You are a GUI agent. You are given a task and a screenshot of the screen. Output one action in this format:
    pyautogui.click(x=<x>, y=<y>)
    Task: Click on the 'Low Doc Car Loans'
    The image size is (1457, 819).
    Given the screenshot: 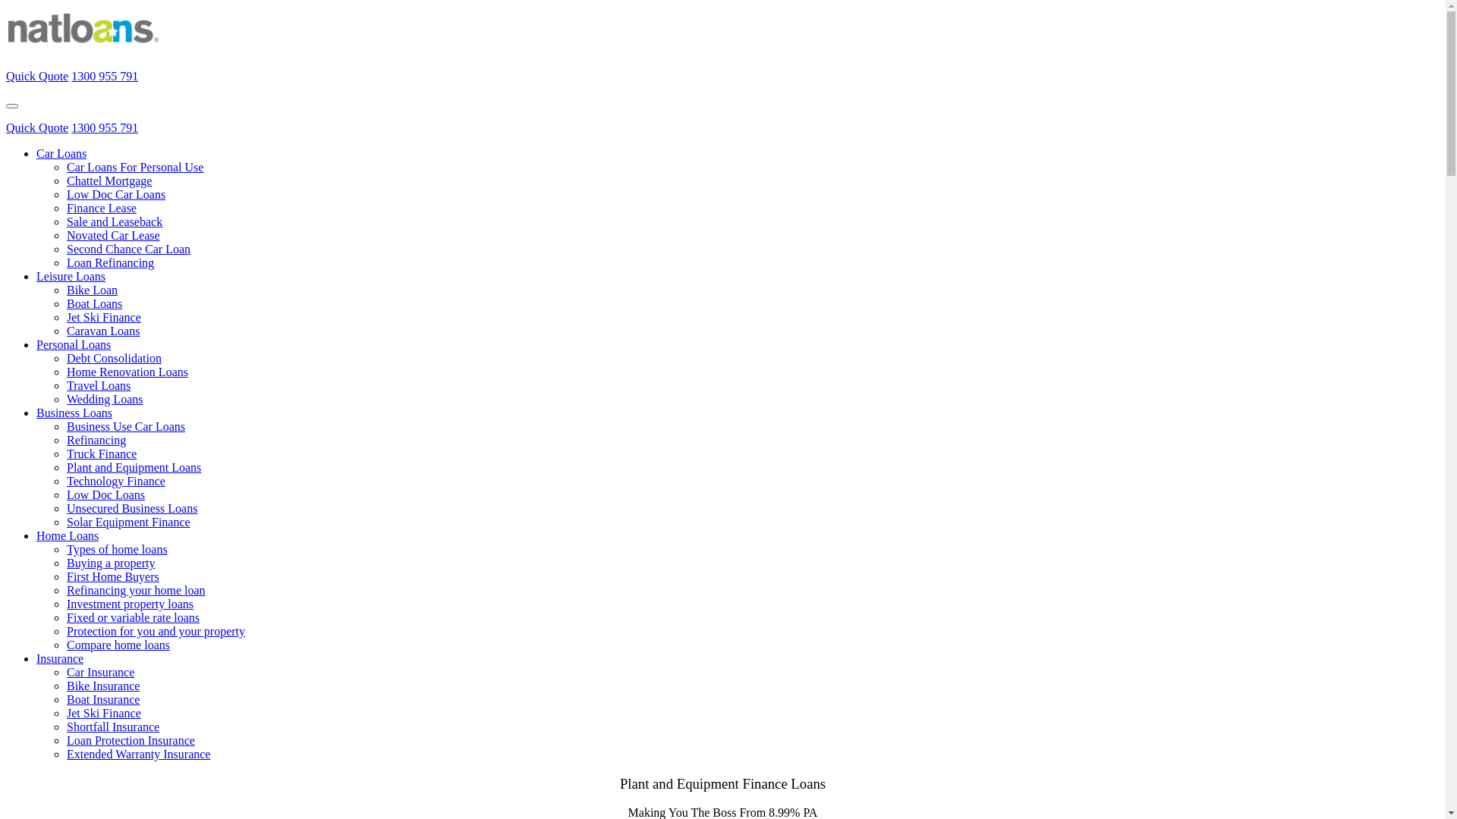 What is the action you would take?
    pyautogui.click(x=115, y=193)
    